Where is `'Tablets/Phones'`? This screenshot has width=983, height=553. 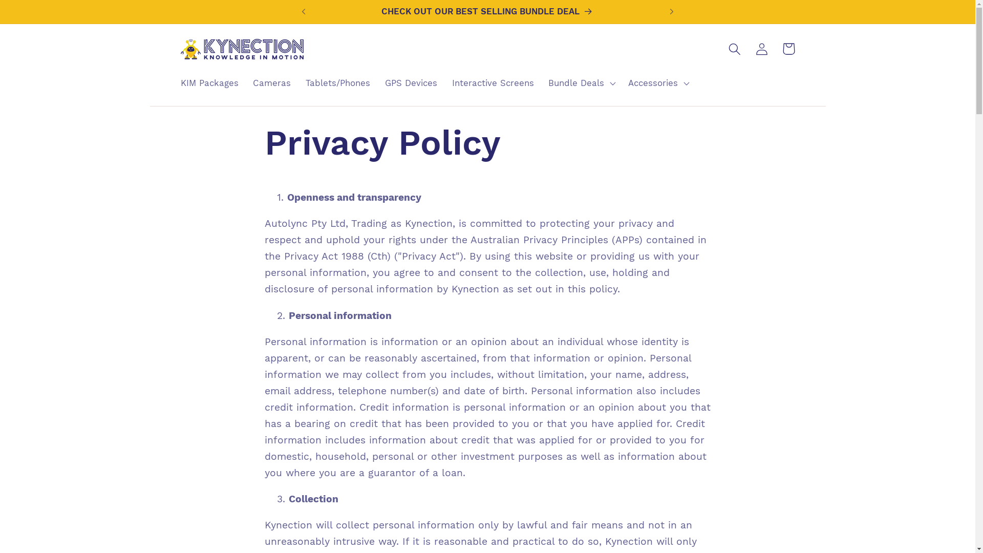
'Tablets/Phones' is located at coordinates (338, 82).